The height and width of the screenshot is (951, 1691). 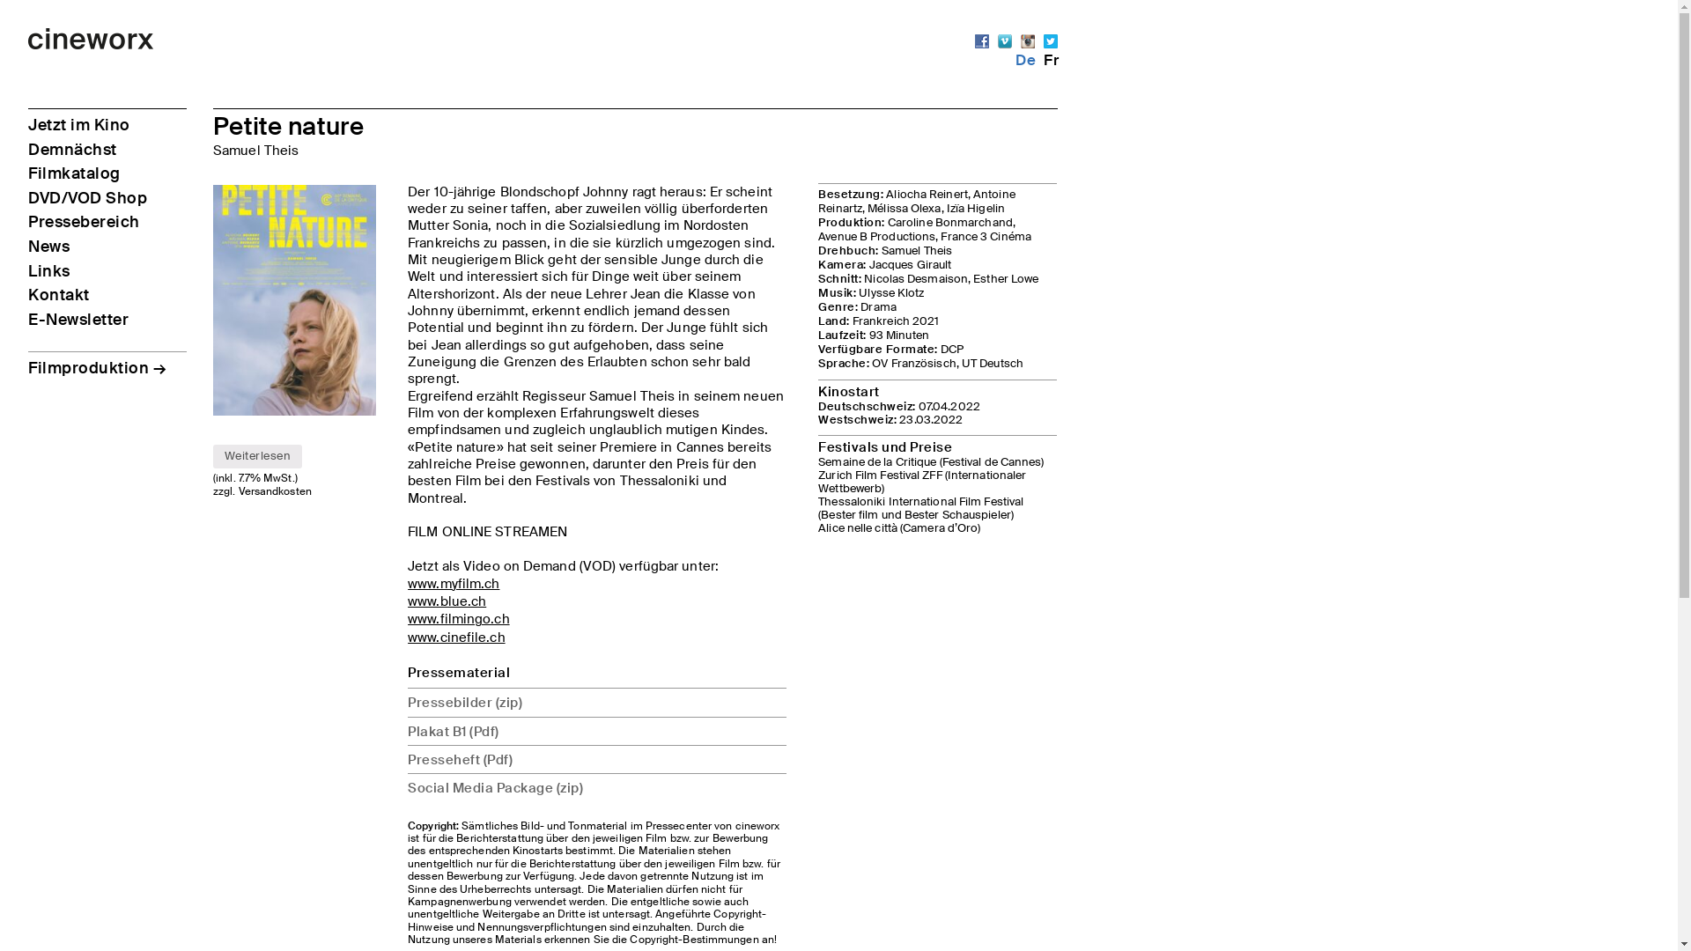 I want to click on 'Filmkatalog', so click(x=73, y=173).